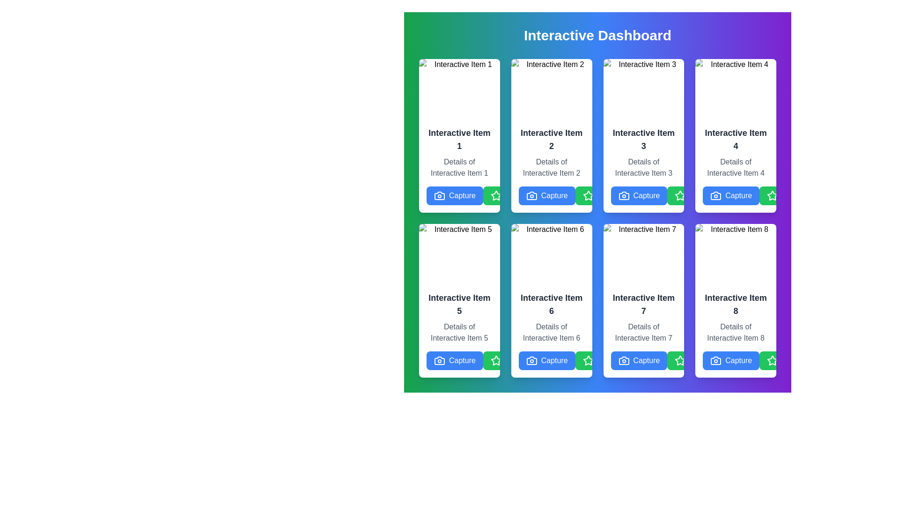 The width and height of the screenshot is (899, 506). I want to click on the green 'Favorite' button with rounded corners and a star icon to mark an item as favorite, so click(604, 195).